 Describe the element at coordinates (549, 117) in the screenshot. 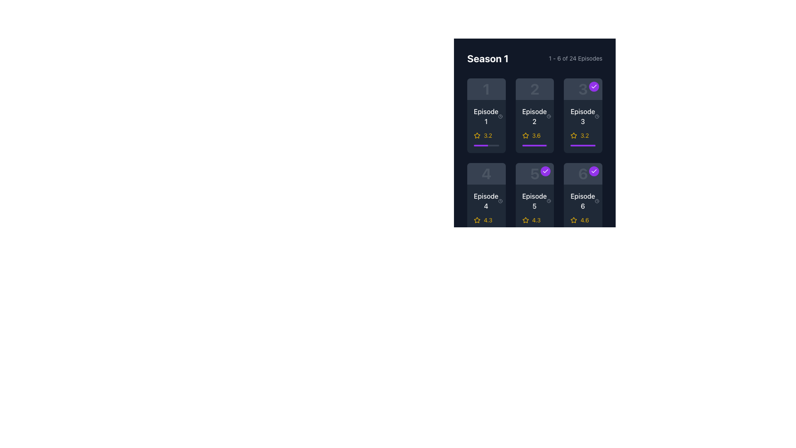

I see `the clock icon located to the left of the text '42 min', which indicates the duration of Episode 2 in Season 1` at that location.